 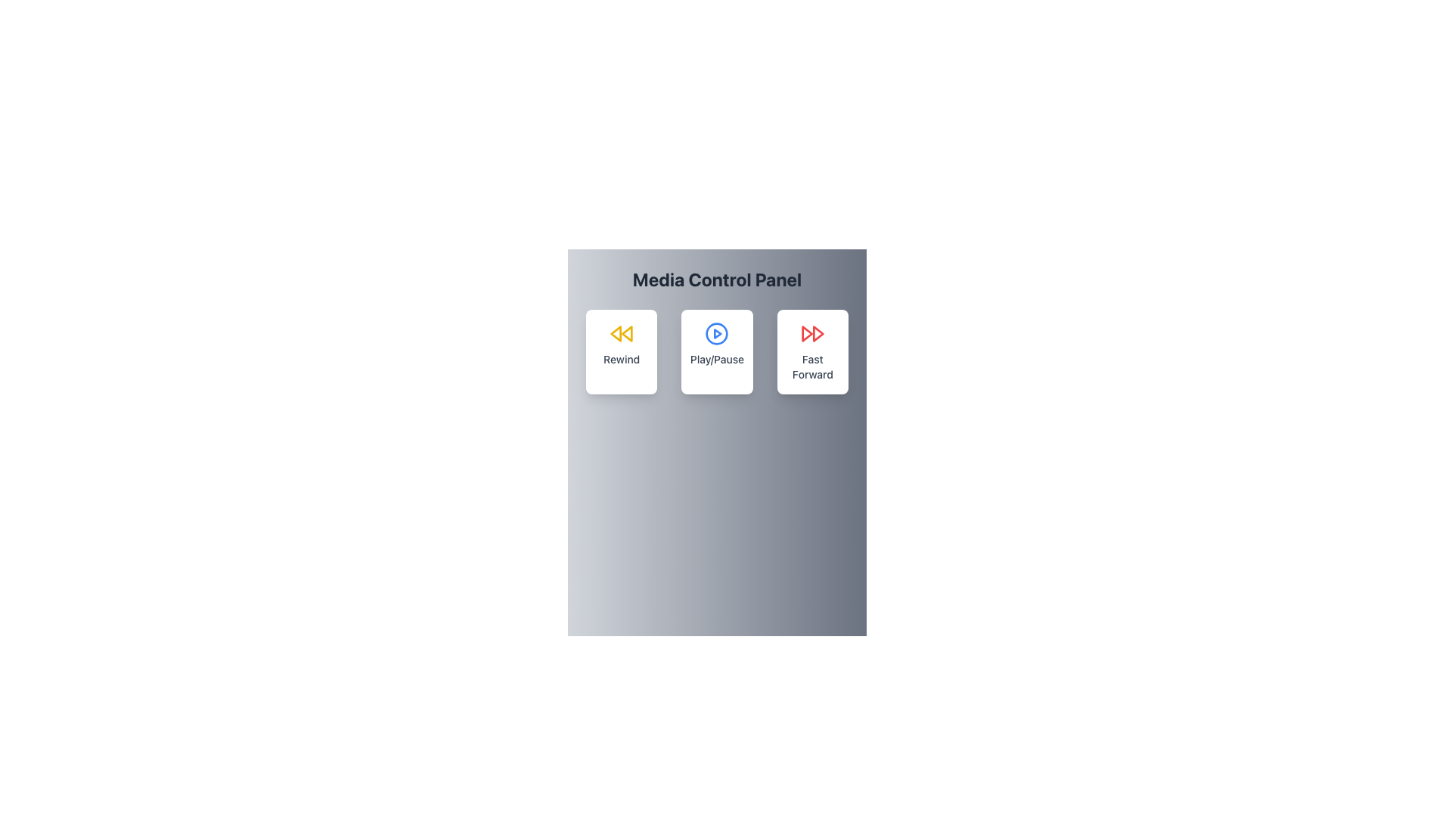 What do you see at coordinates (811, 367) in the screenshot?
I see `label text that serves as a description for the fast-forward button, located below the red fast-forward icon in the Media Control Panel` at bounding box center [811, 367].